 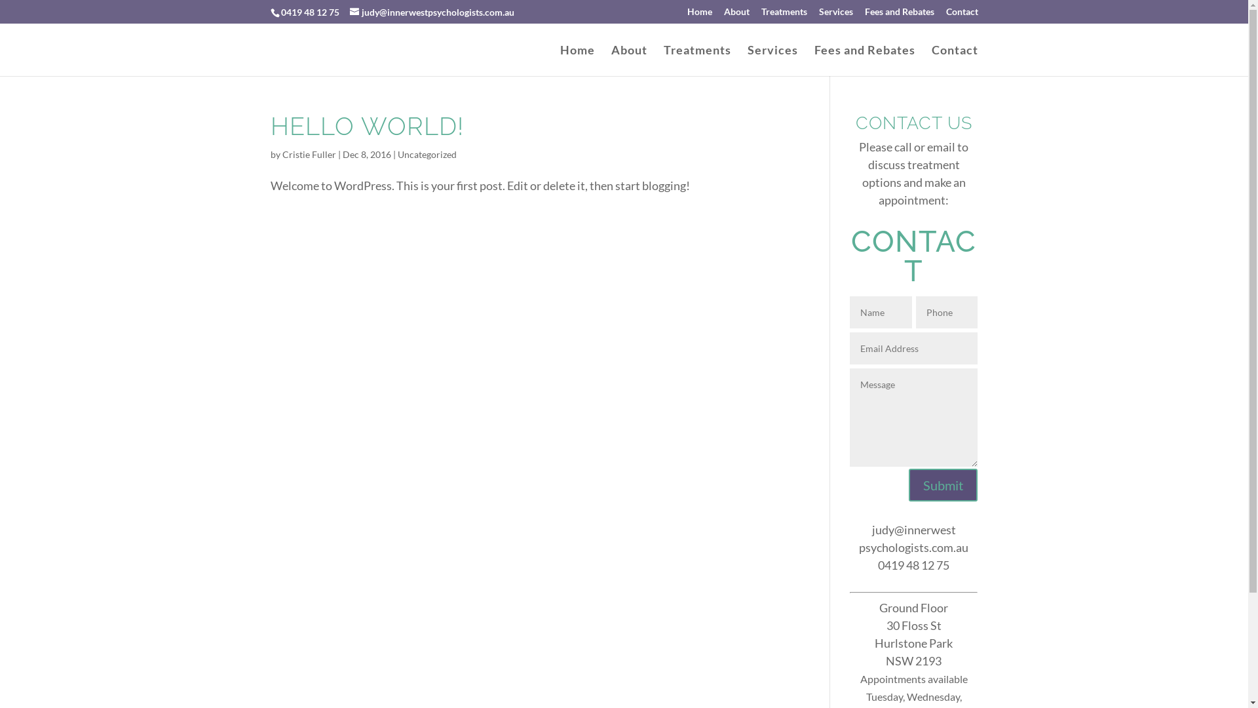 What do you see at coordinates (835, 14) in the screenshot?
I see `'Services'` at bounding box center [835, 14].